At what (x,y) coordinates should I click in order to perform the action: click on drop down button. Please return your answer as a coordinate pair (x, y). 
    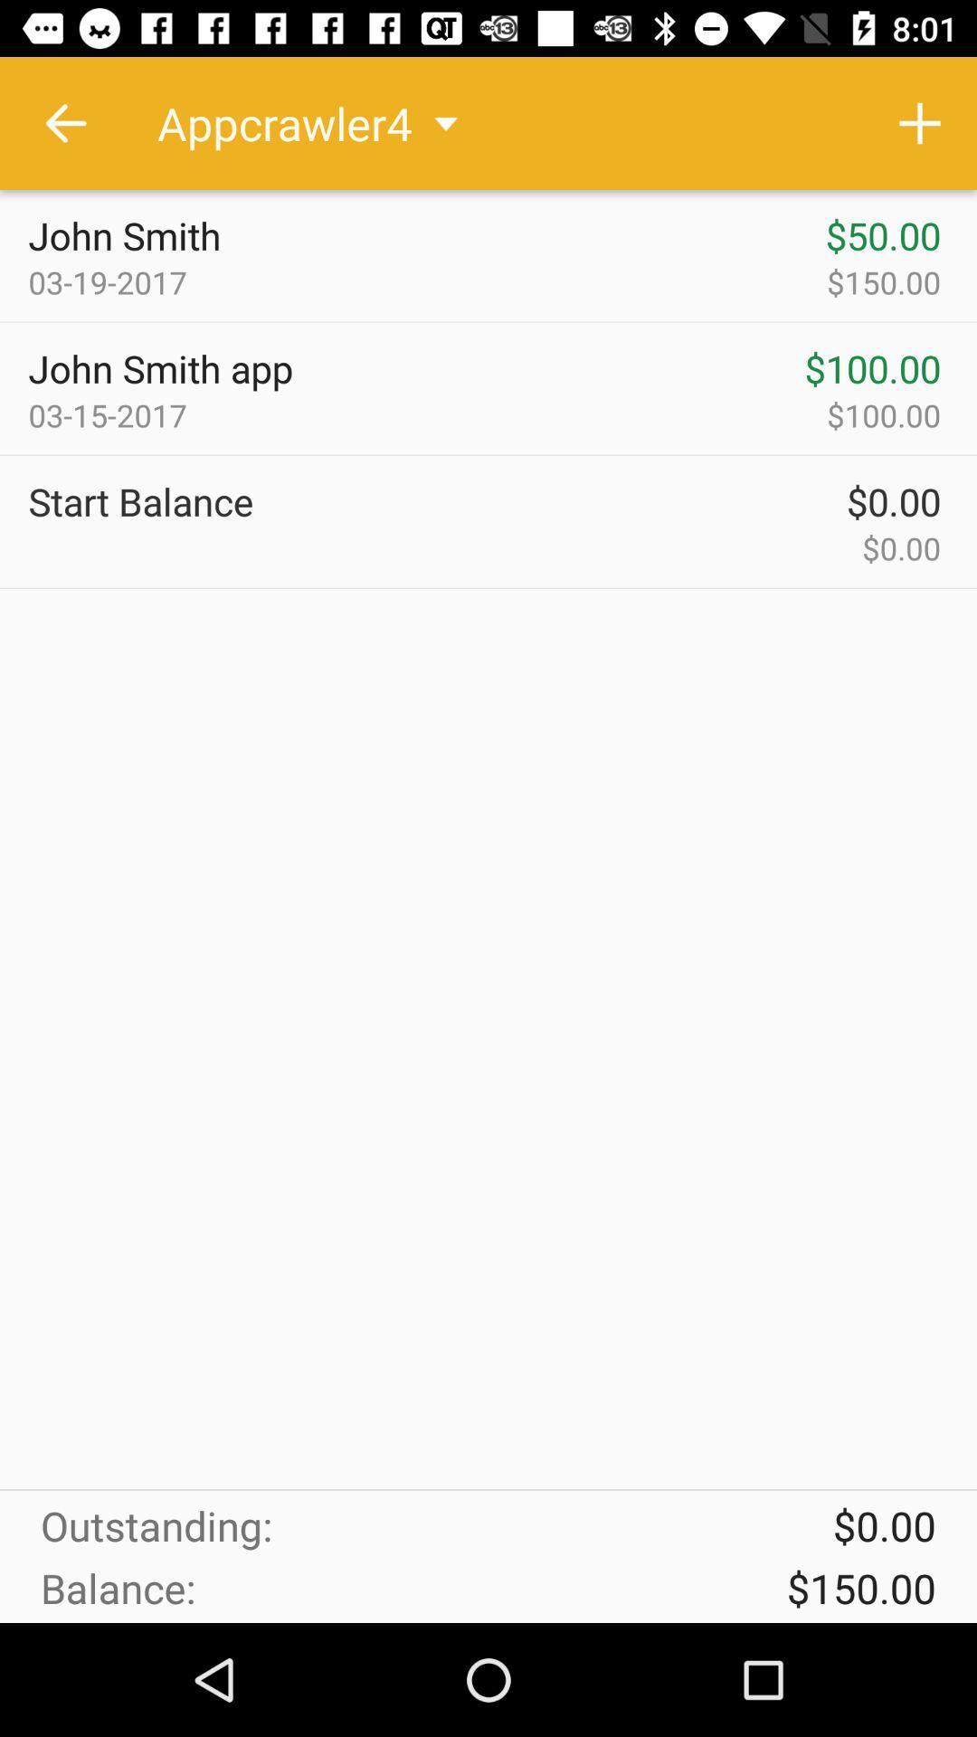
    Looking at the image, I should click on (446, 122).